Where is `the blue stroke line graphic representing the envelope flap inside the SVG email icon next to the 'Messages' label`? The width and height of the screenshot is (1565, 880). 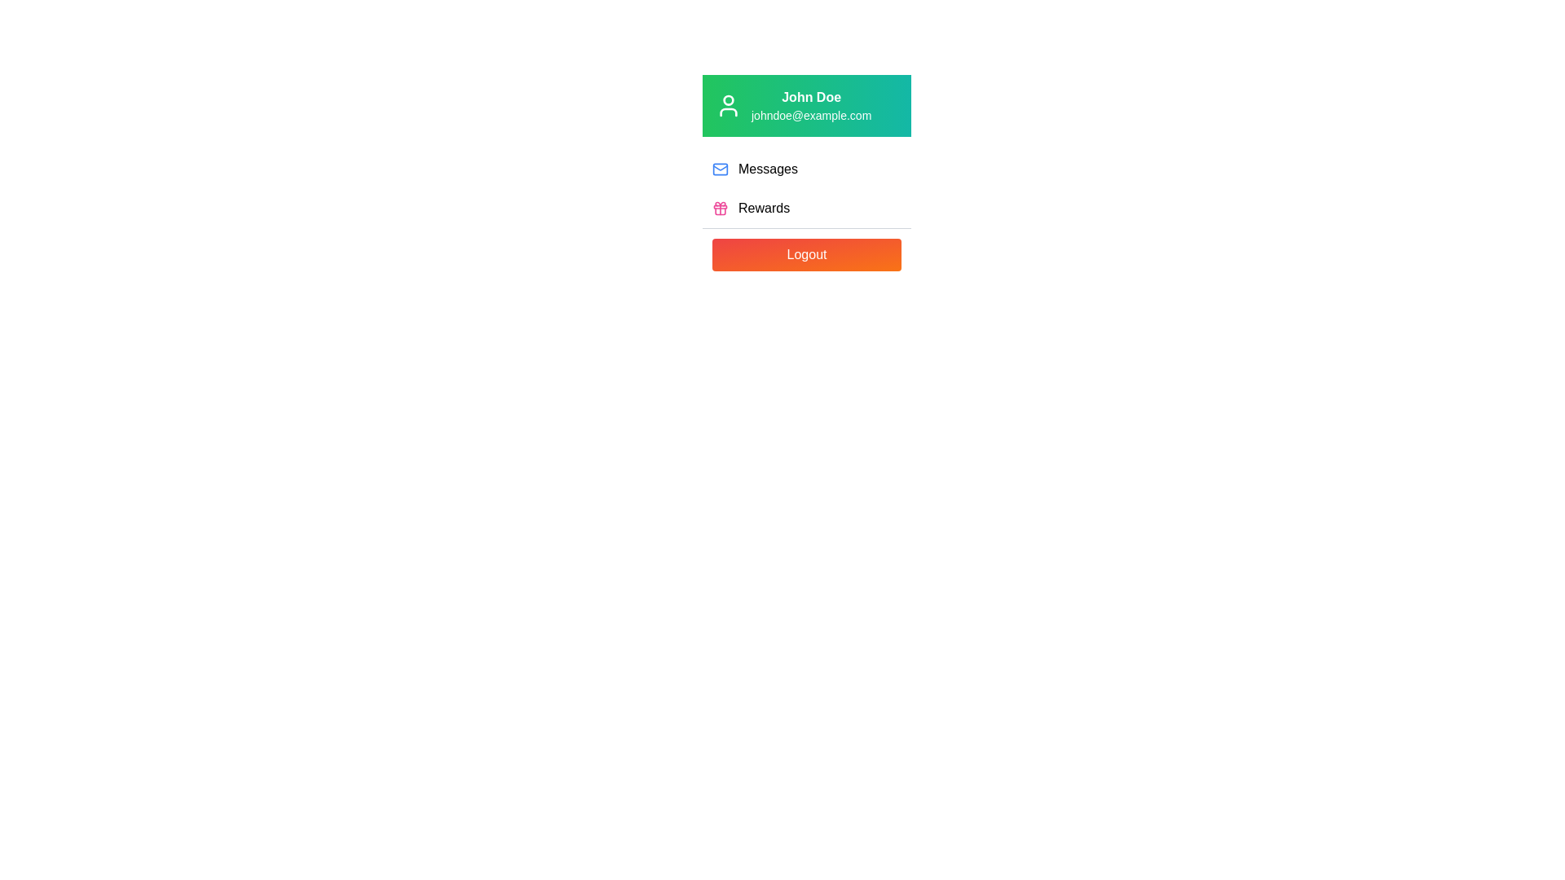
the blue stroke line graphic representing the envelope flap inside the SVG email icon next to the 'Messages' label is located at coordinates (719, 167).